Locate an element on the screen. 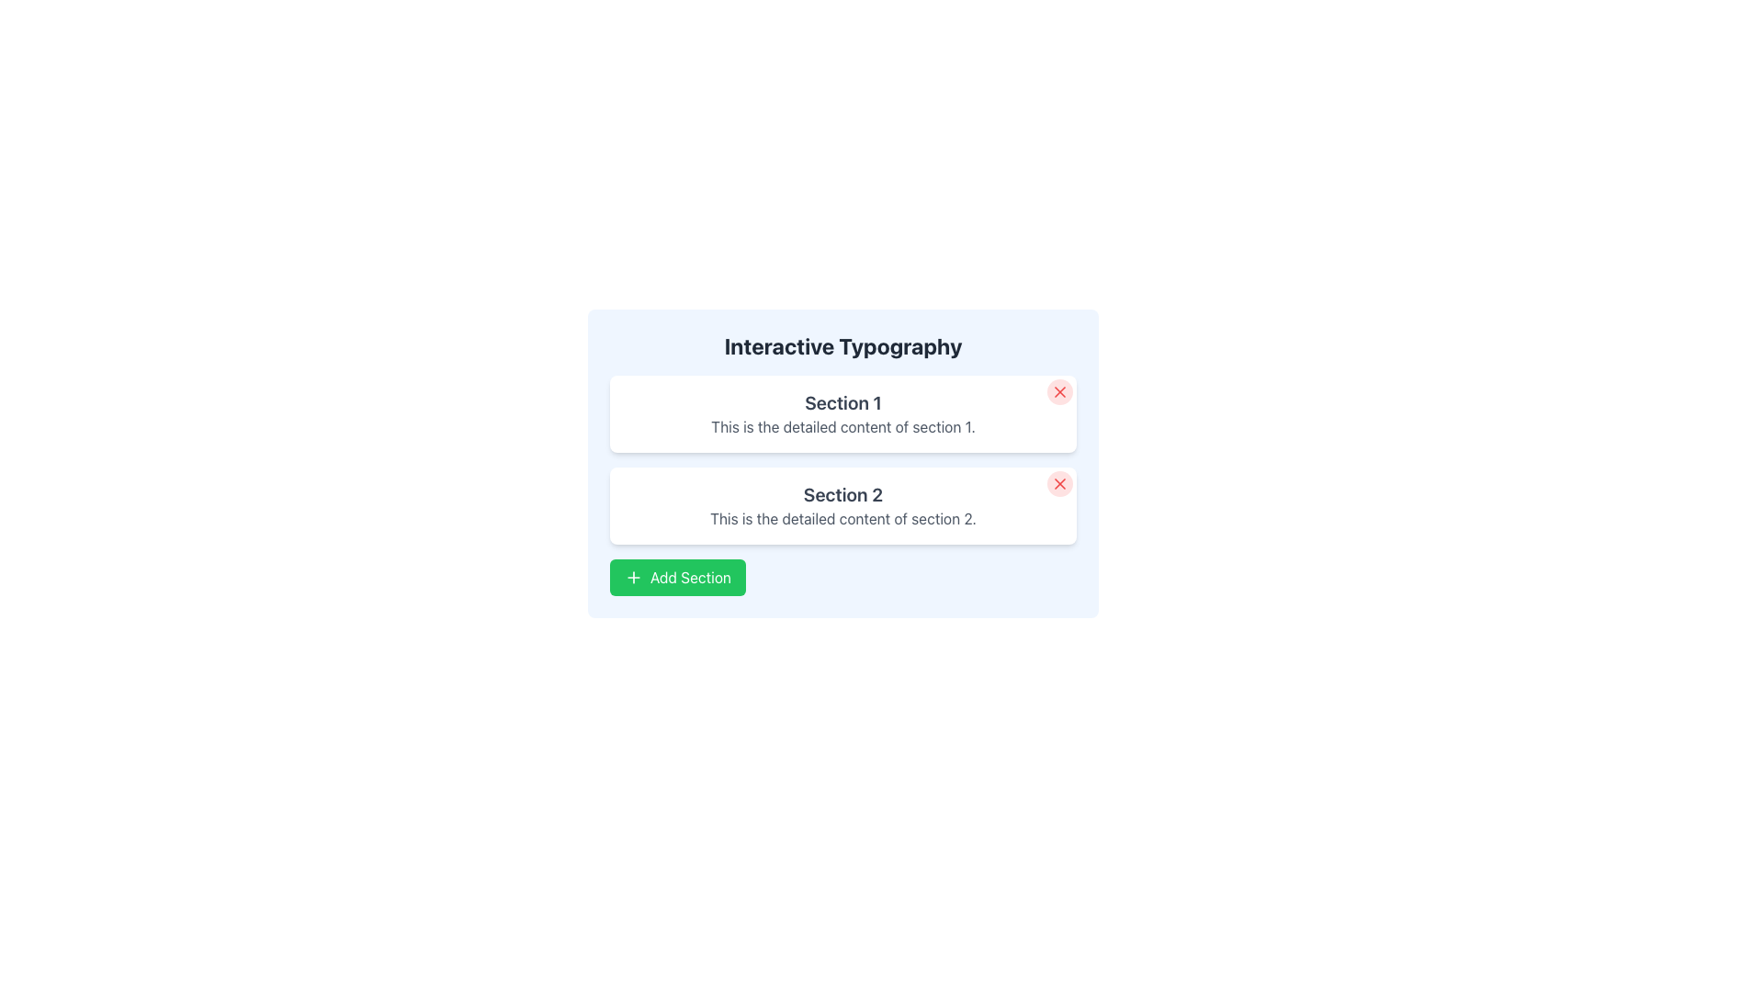 This screenshot has height=992, width=1764. the text block reading 'This is the detailed content of section 1.' which is styled in gray and positioned under the title 'Section 1' is located at coordinates (842, 427).